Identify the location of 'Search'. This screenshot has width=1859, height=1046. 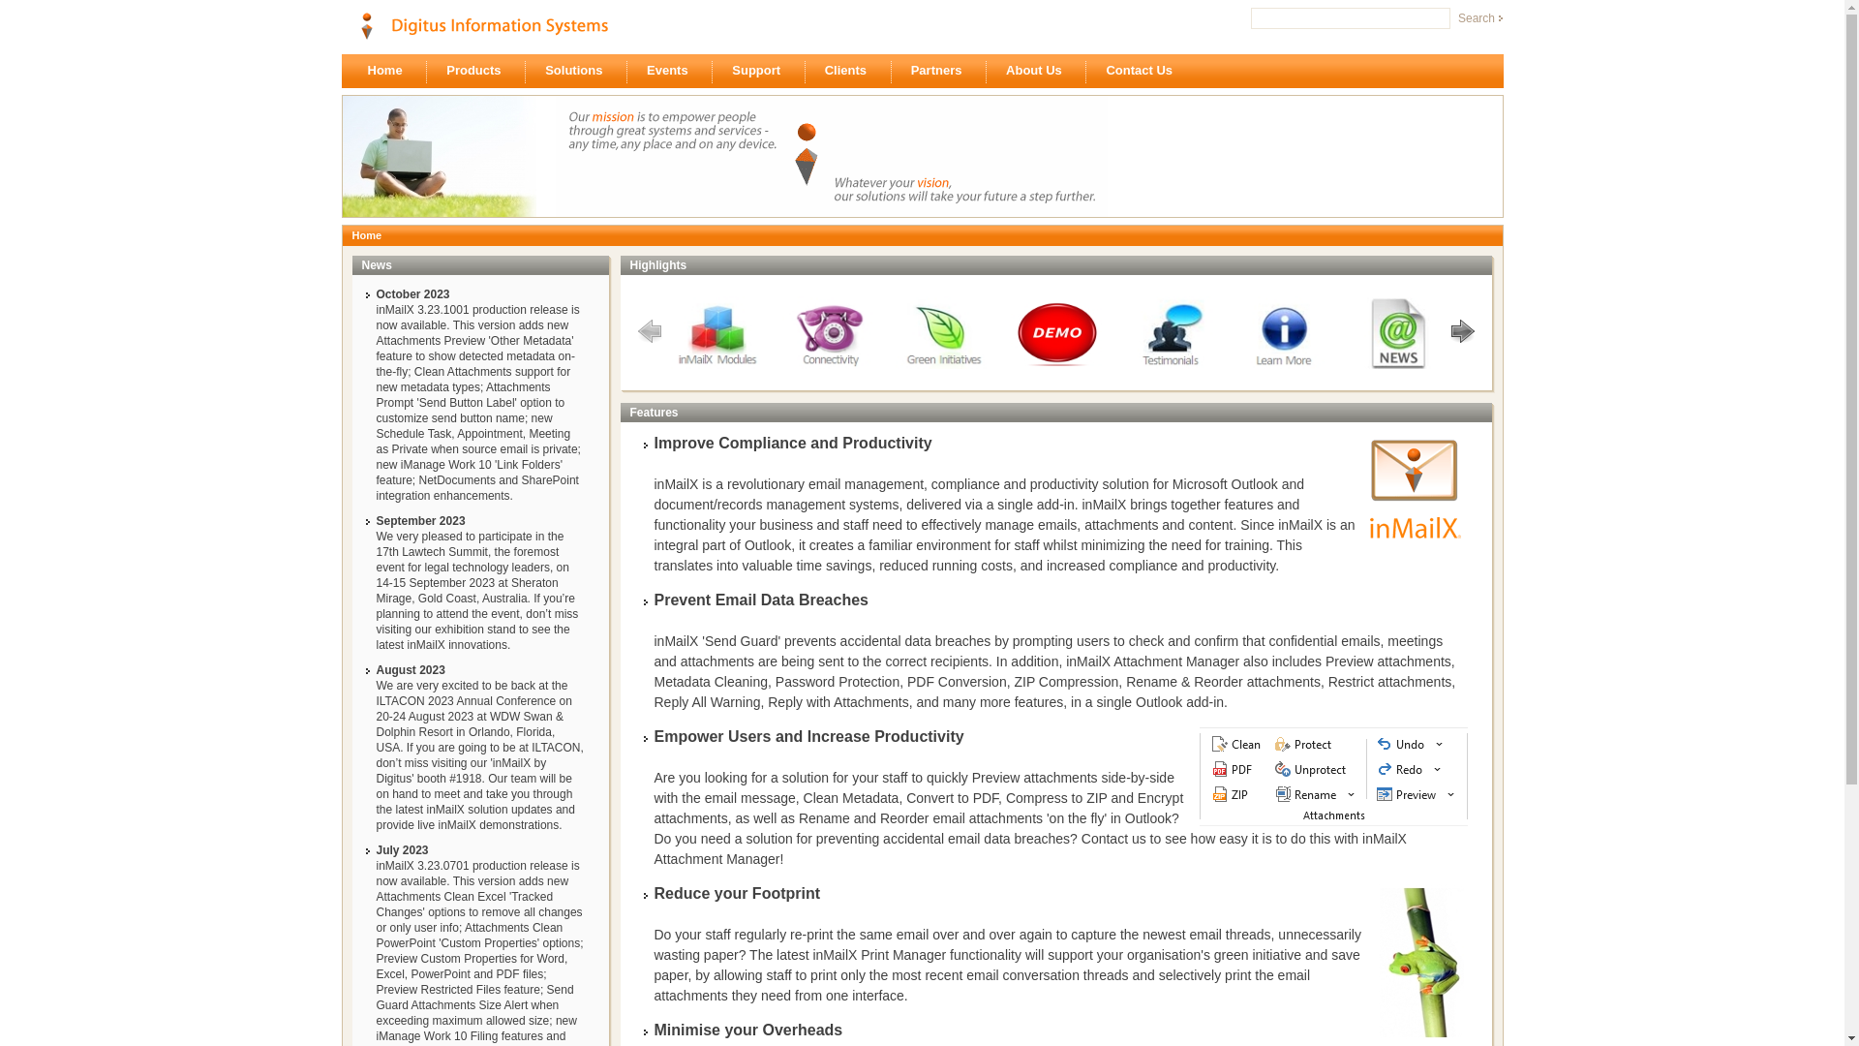
(1477, 18).